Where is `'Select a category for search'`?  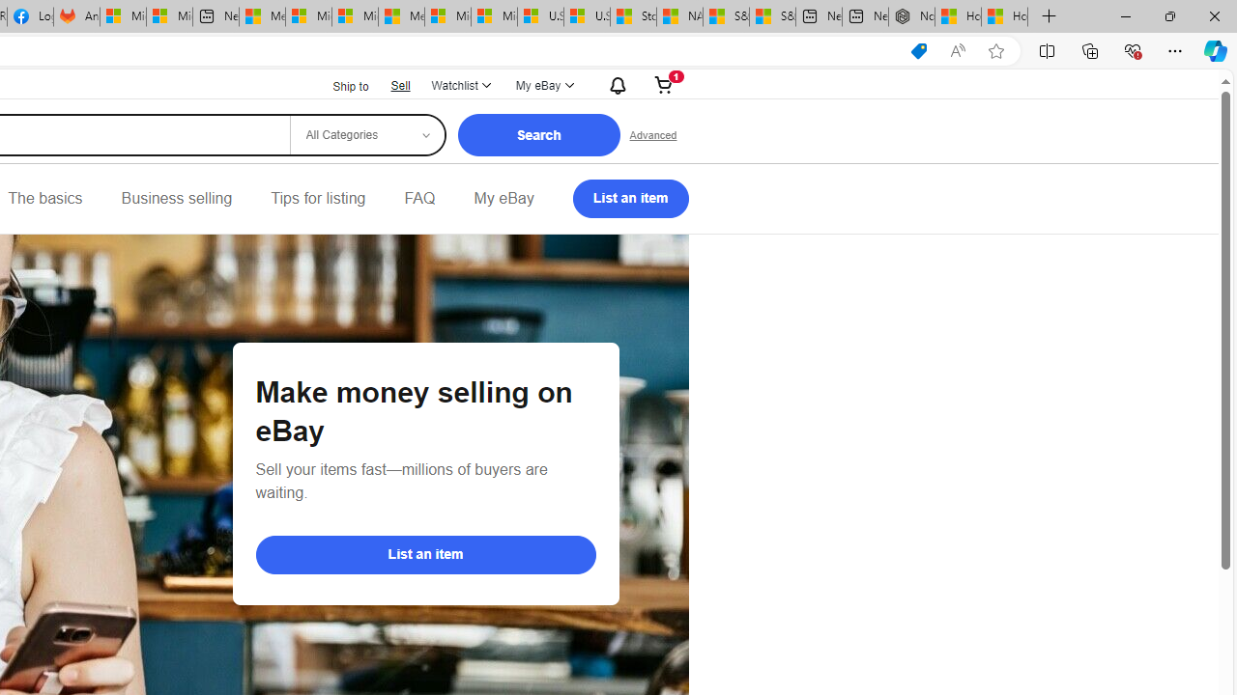 'Select a category for search' is located at coordinates (366, 134).